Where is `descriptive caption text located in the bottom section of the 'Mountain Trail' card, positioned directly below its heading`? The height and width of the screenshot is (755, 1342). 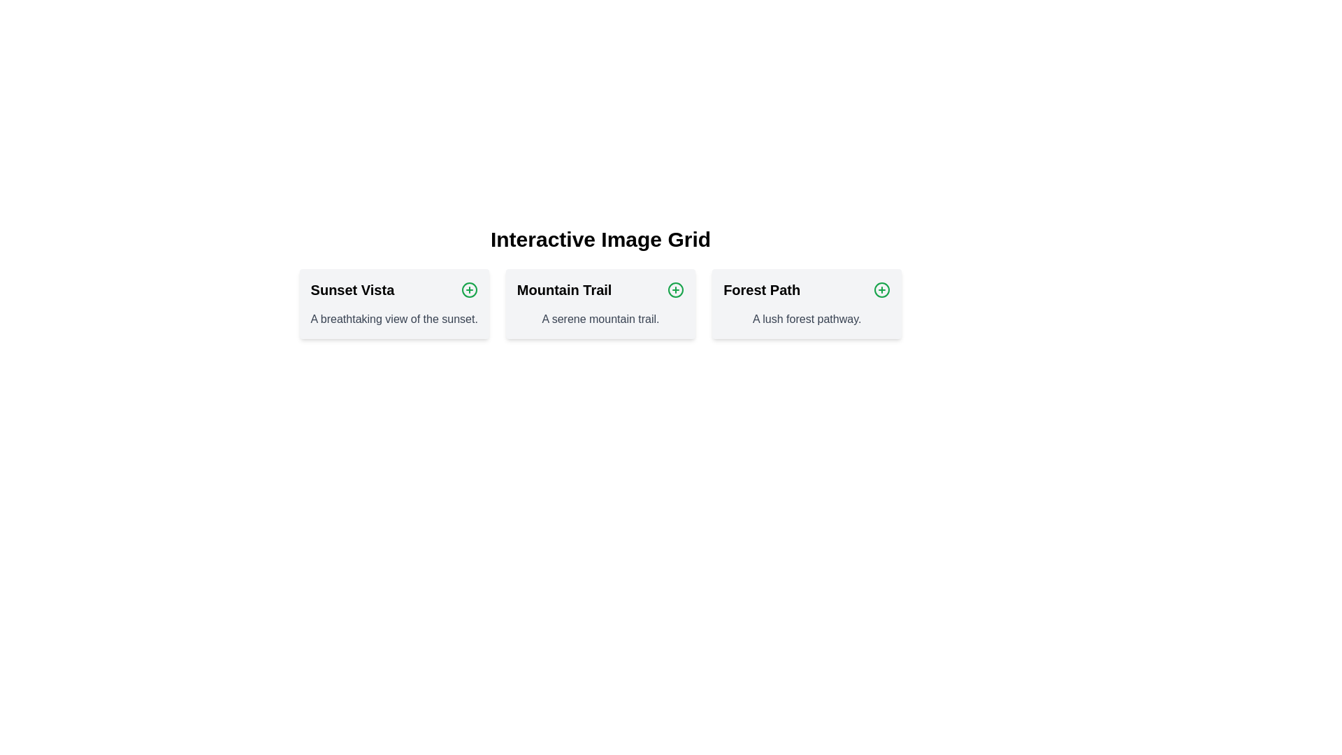 descriptive caption text located in the bottom section of the 'Mountain Trail' card, positioned directly below its heading is located at coordinates (600, 319).